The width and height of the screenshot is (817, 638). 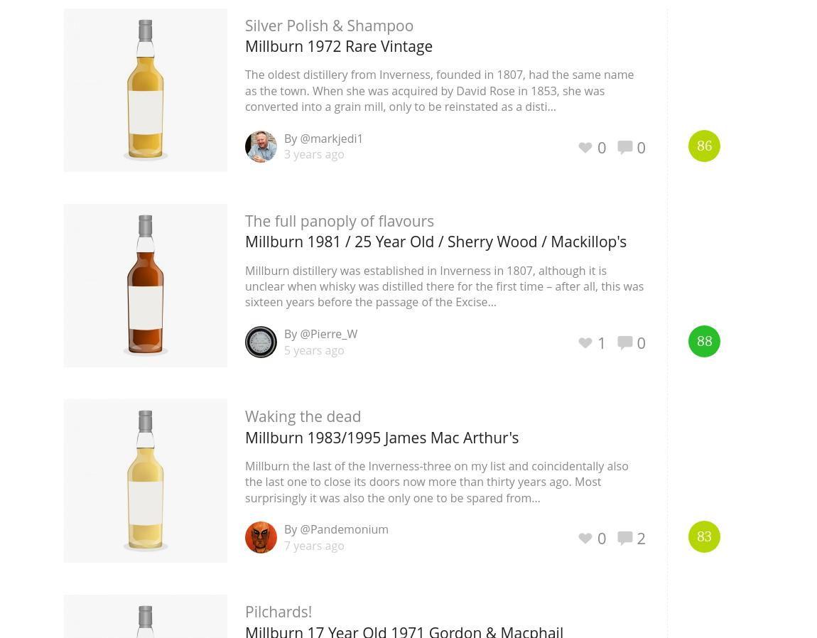 What do you see at coordinates (278, 612) in the screenshot?
I see `'Pilchards!'` at bounding box center [278, 612].